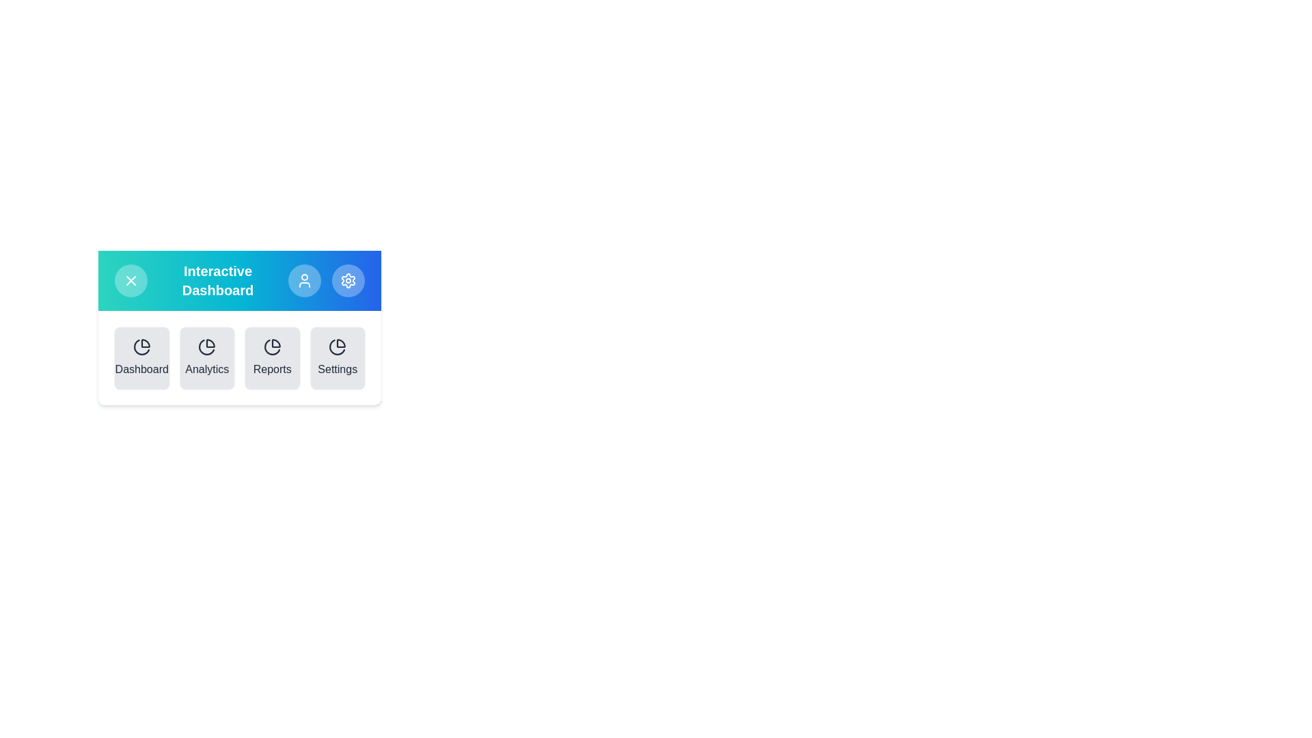  I want to click on the 'Reports' button in the menu to navigate to the Reports section, so click(272, 357).